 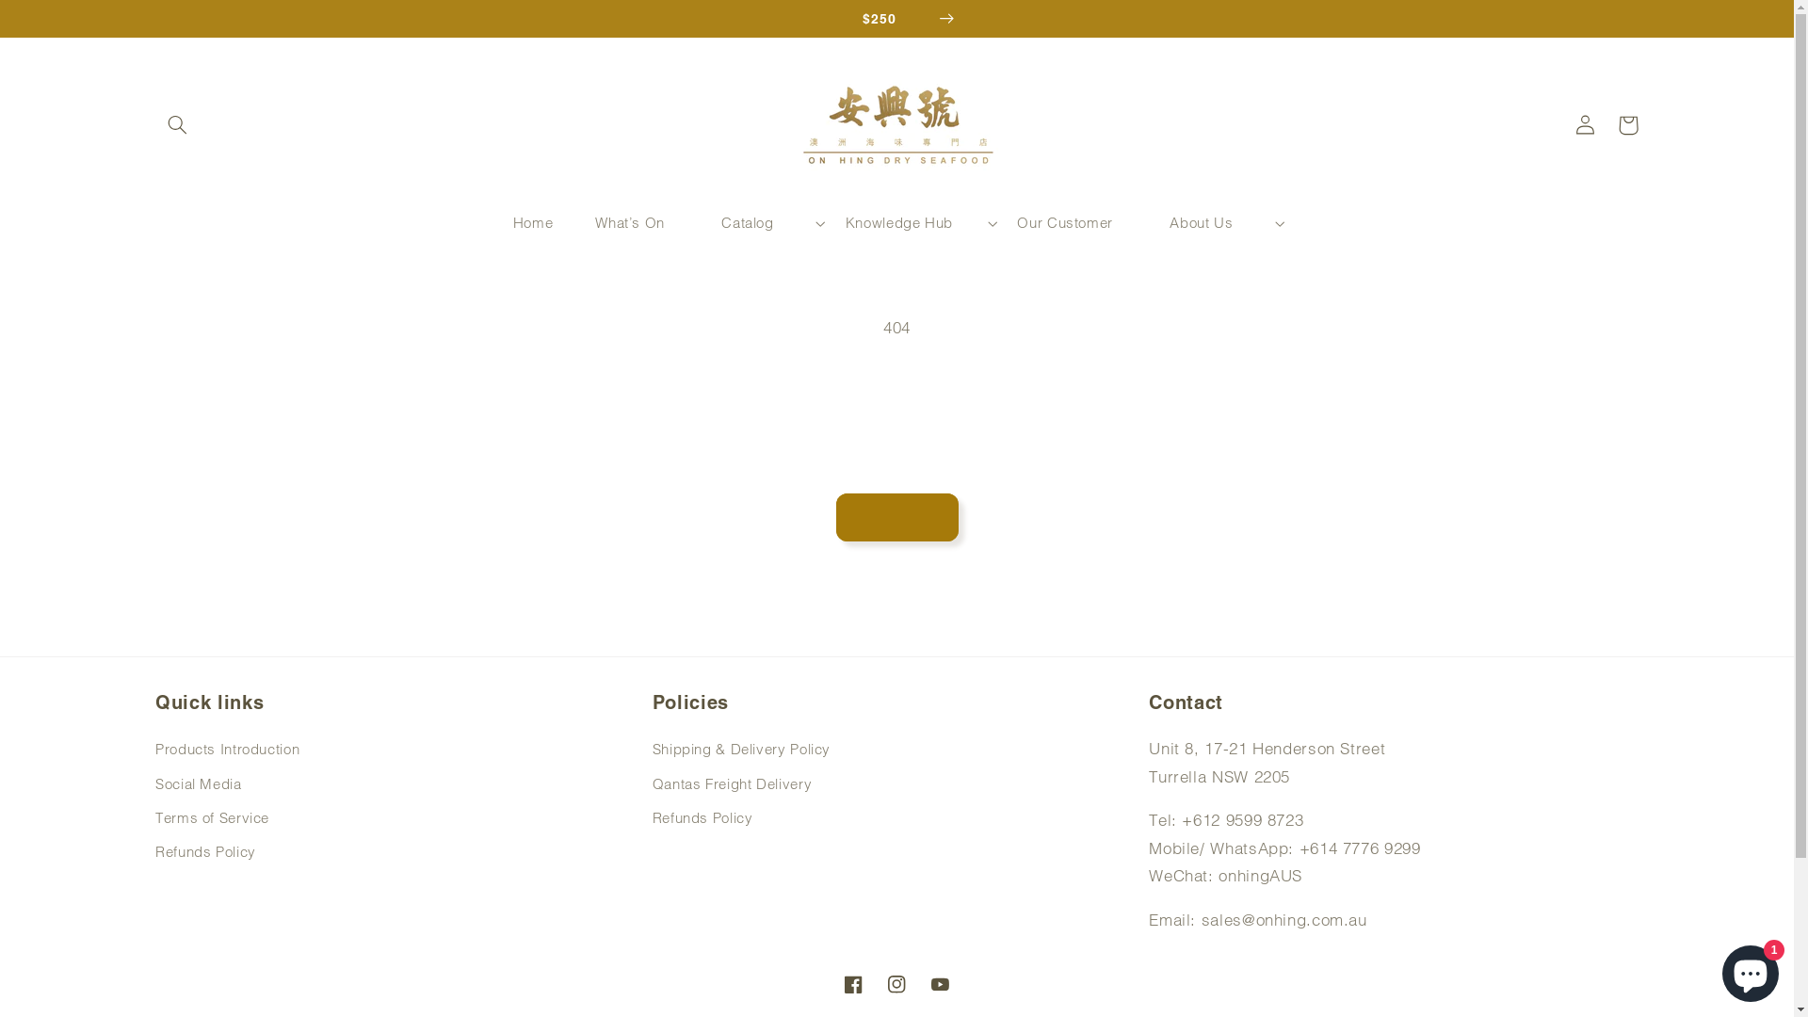 What do you see at coordinates (852, 983) in the screenshot?
I see `'Facebook'` at bounding box center [852, 983].